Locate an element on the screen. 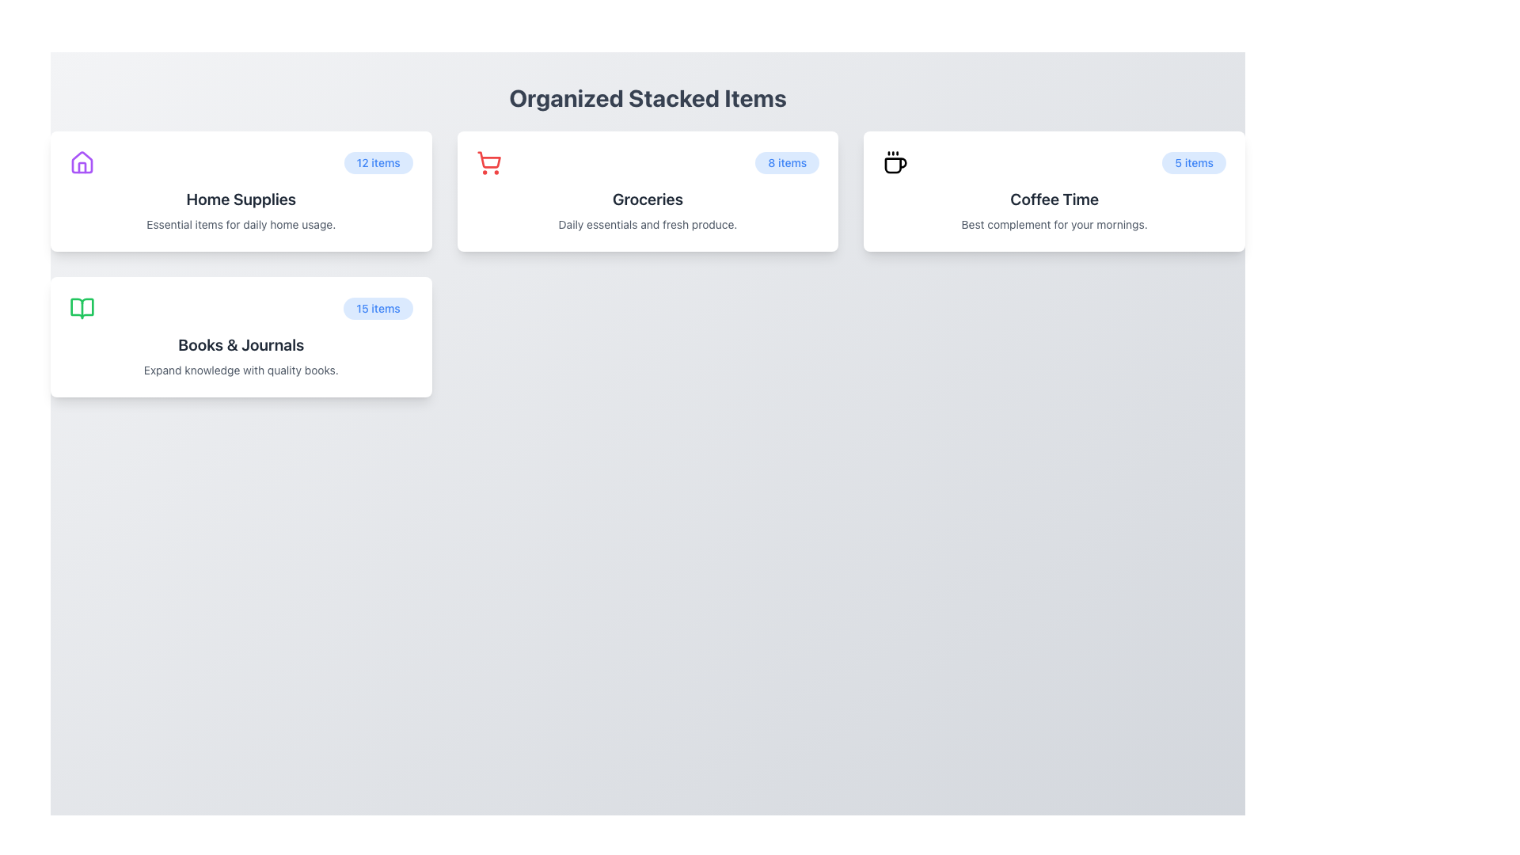 This screenshot has height=855, width=1520. Text Label providing a supplementary description about the 'Coffee Time' section using accessibility tools is located at coordinates (1054, 225).